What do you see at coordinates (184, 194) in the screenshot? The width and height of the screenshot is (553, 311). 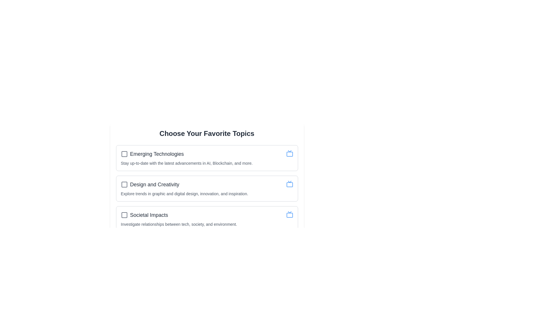 I see `the text paragraph styled with a small gray font that says 'Explore trends in graphic and digital design, innovation, and inspiration.', located below the 'Design and Creativity' heading` at bounding box center [184, 194].